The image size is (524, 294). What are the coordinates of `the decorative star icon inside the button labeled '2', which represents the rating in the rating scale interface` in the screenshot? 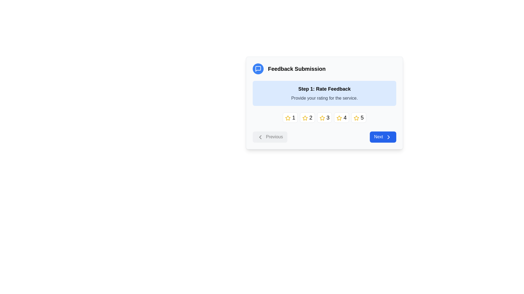 It's located at (305, 118).